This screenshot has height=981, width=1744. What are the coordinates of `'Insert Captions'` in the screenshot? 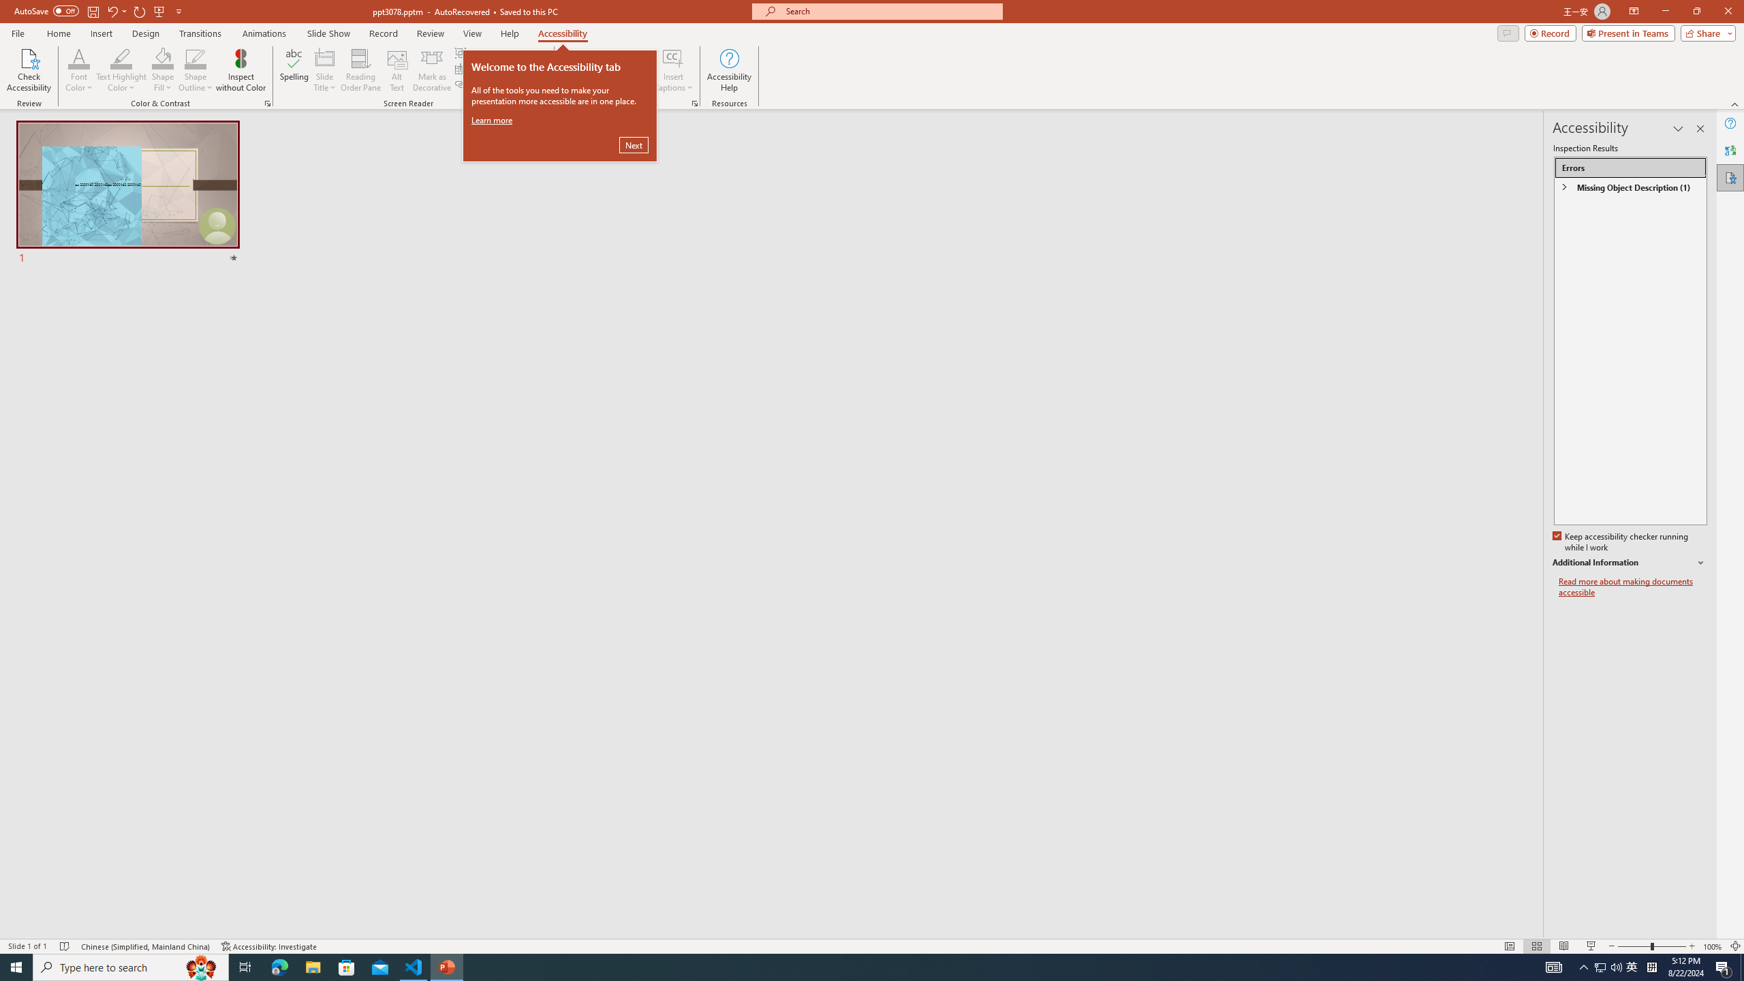 It's located at (672, 70).